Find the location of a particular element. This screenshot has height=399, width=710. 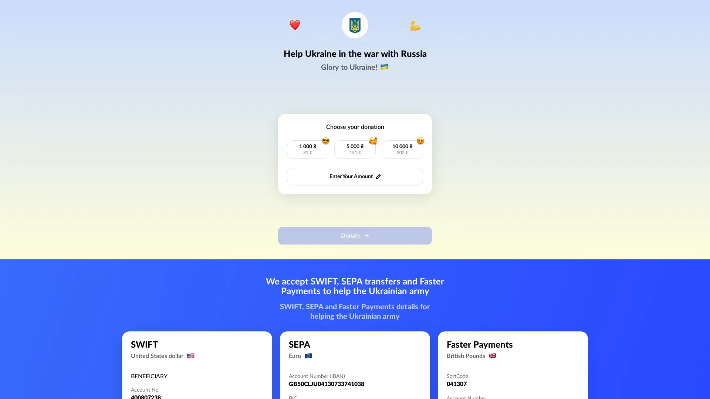

Donate is located at coordinates (355, 235).